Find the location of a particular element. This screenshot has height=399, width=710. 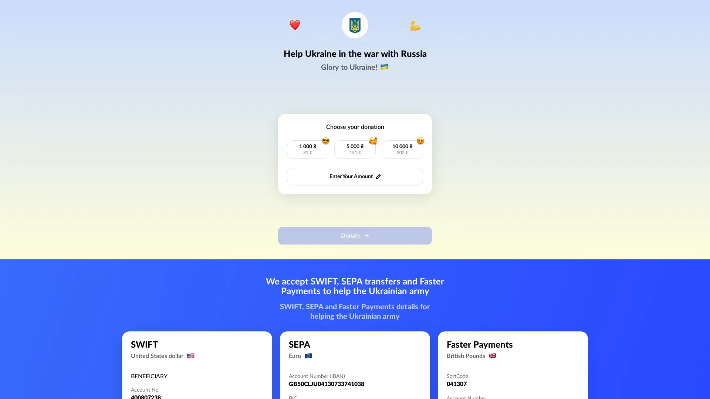

Donate is located at coordinates (355, 235).